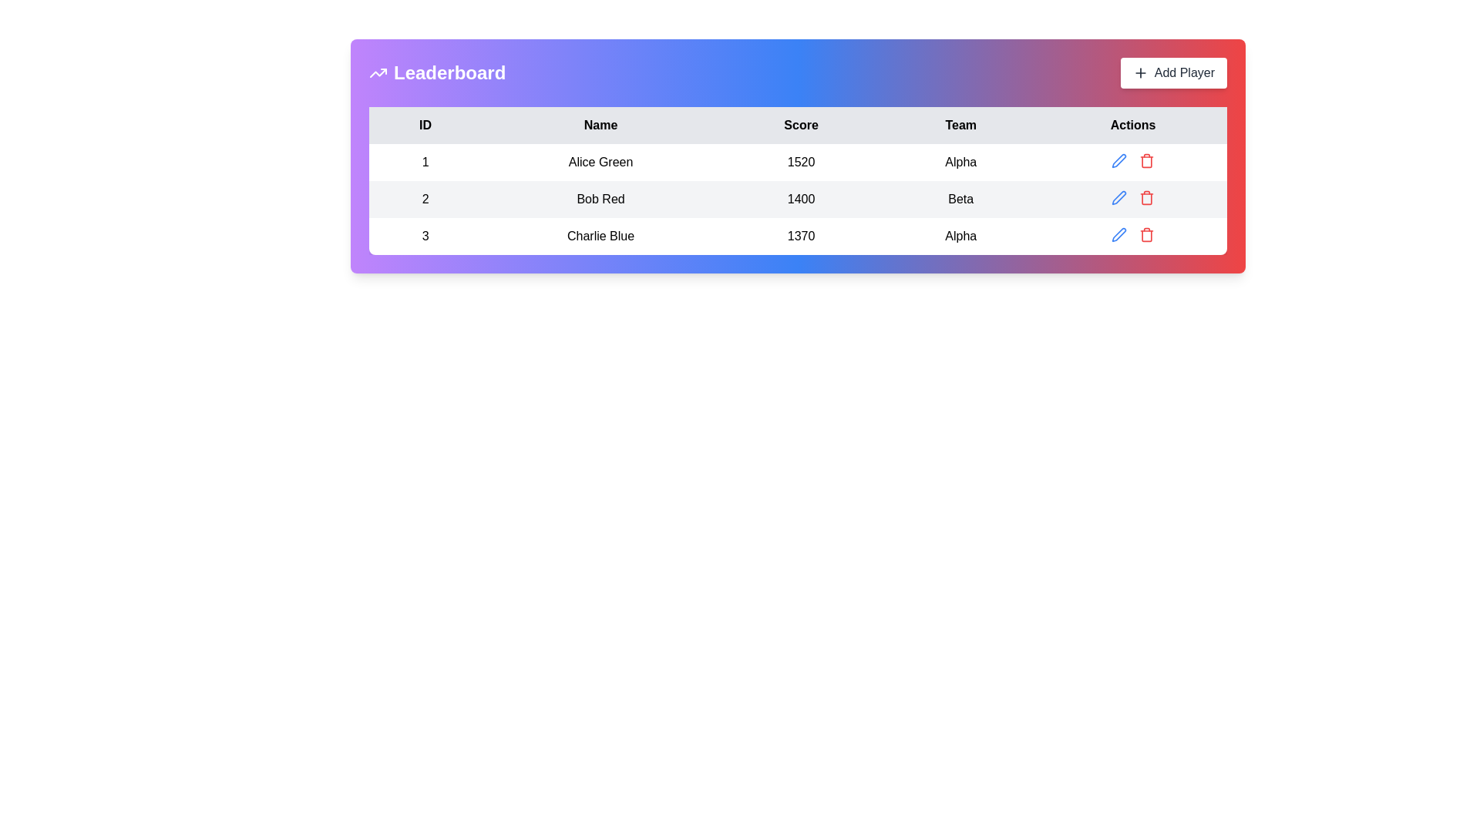  I want to click on the bold number '2' in the first column of the second row of the leaderboard table, so click(425, 198).